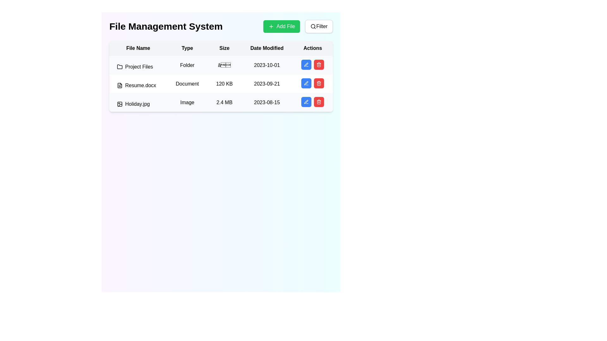 The height and width of the screenshot is (341, 607). What do you see at coordinates (306, 102) in the screenshot?
I see `the editing icon in the 'Actions' column of the first row of the table corresponding to 'Project Files' to initiate editing` at bounding box center [306, 102].